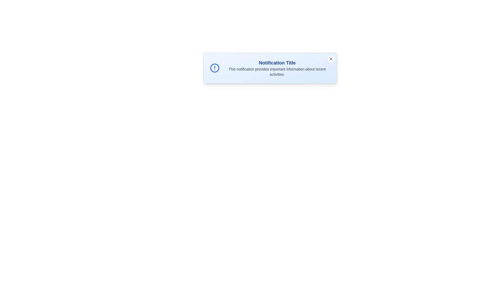  I want to click on the small, gray 'X' Close button located in the top-right corner of the notification panel, so click(330, 59).